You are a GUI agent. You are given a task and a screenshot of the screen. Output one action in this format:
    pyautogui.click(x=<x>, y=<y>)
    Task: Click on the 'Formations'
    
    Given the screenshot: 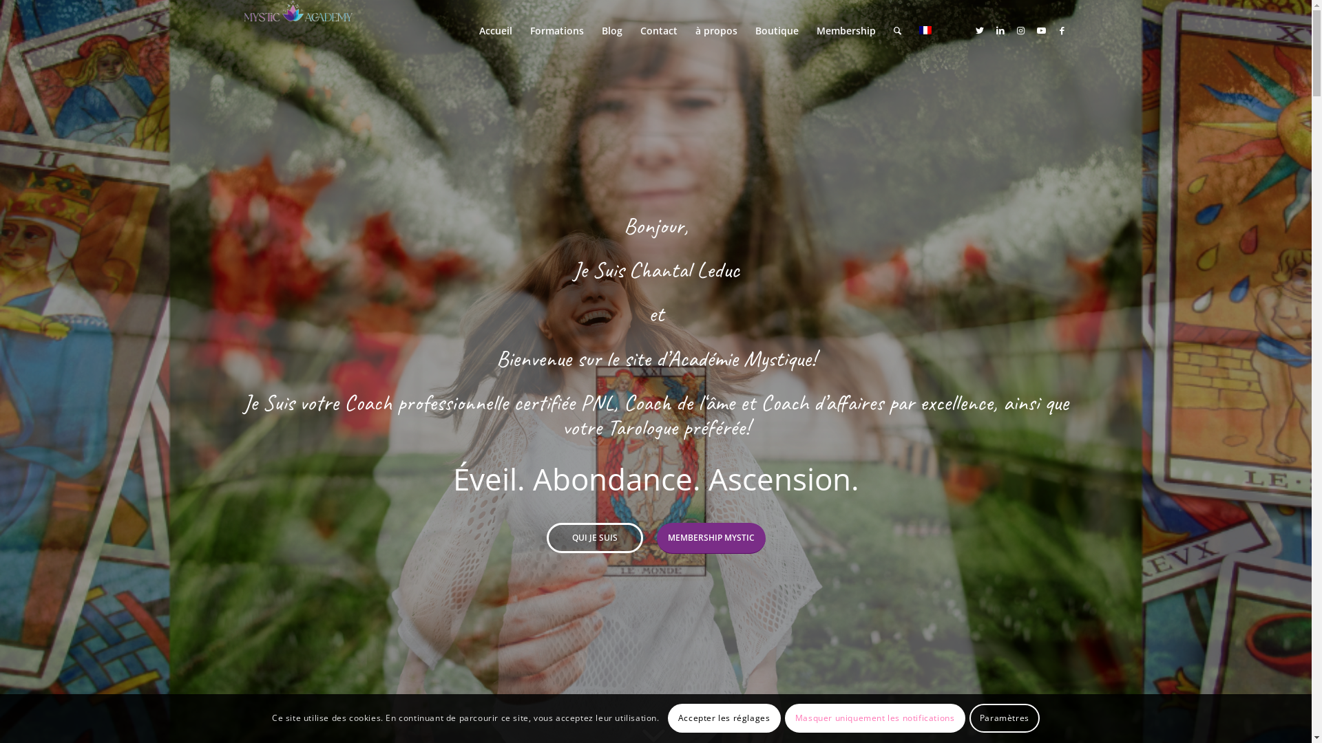 What is the action you would take?
    pyautogui.click(x=556, y=31)
    